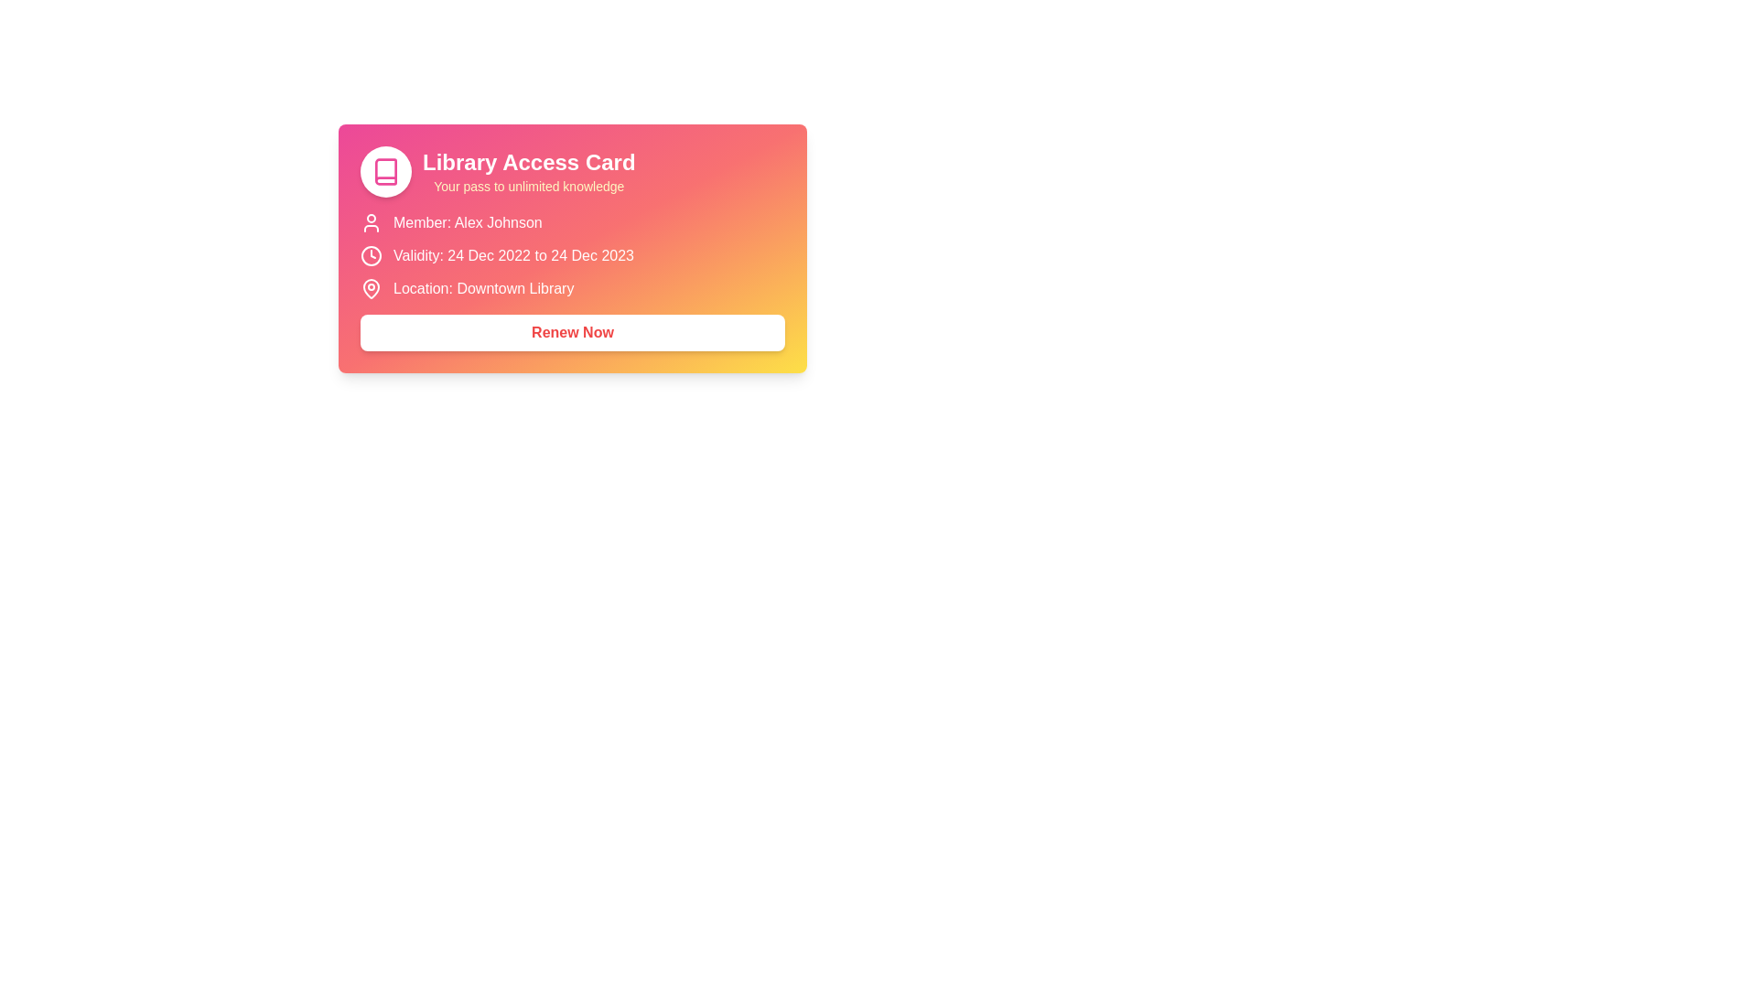  Describe the element at coordinates (371, 288) in the screenshot. I see `the decorative map pin icon located at the bottom of the informational card labeled 'Location: Downtown Library'` at that location.